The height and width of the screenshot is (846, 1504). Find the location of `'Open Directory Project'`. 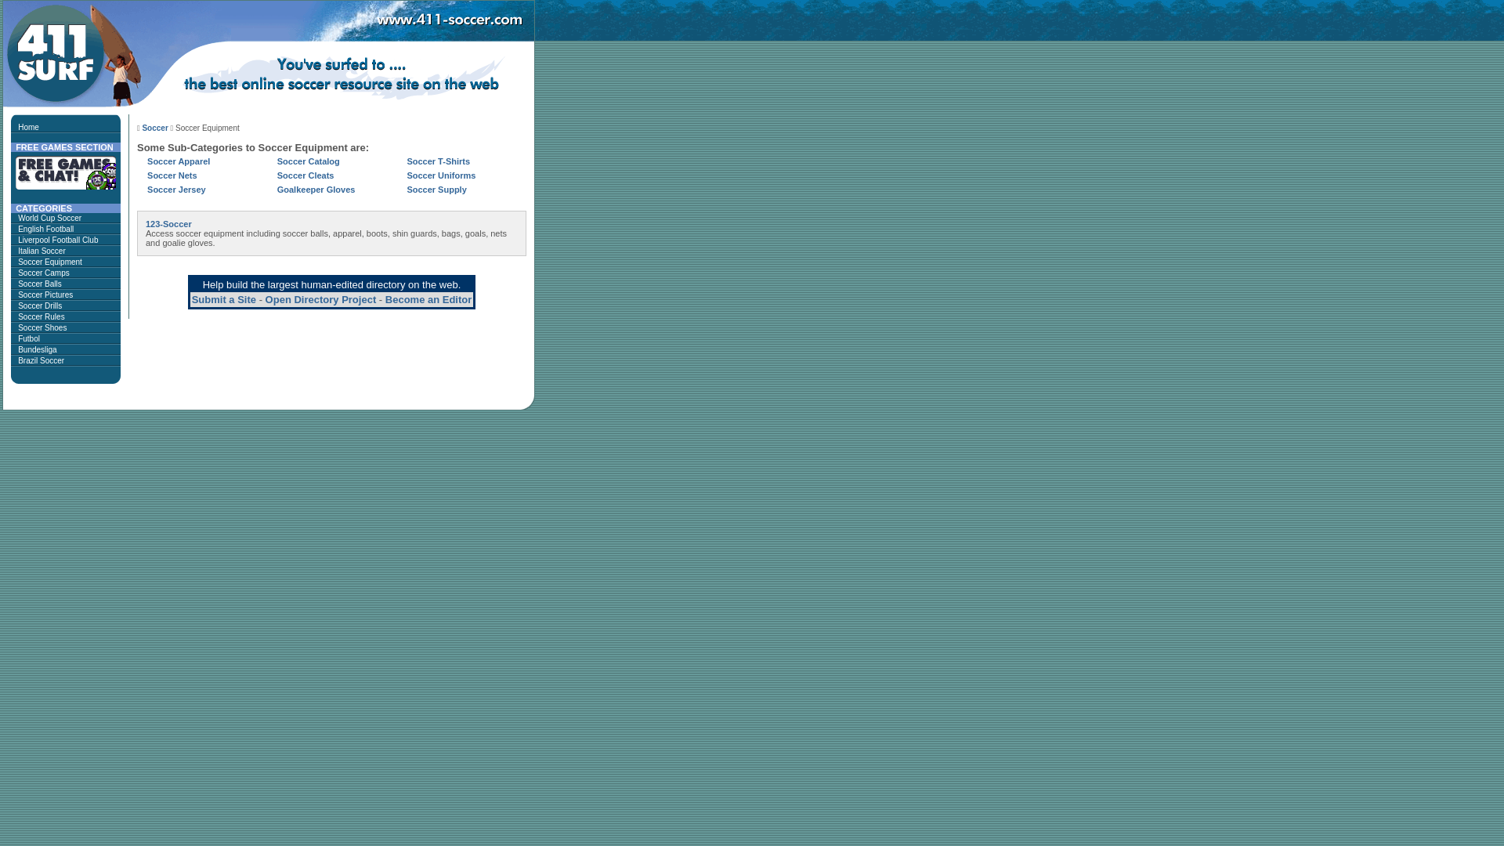

'Open Directory Project' is located at coordinates (320, 299).